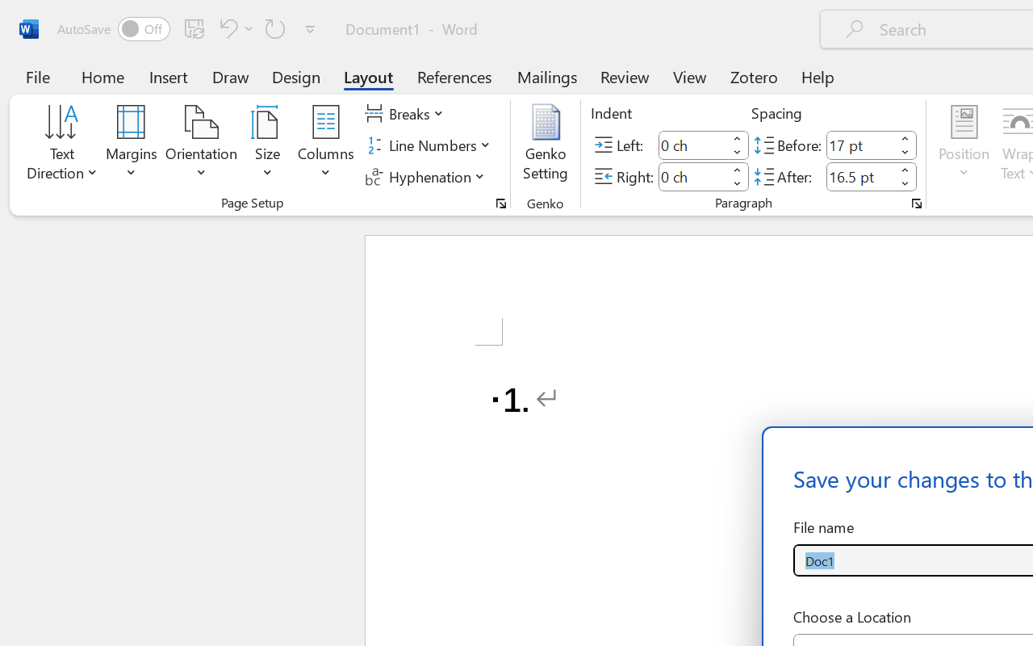  What do you see at coordinates (905, 183) in the screenshot?
I see `'Less'` at bounding box center [905, 183].